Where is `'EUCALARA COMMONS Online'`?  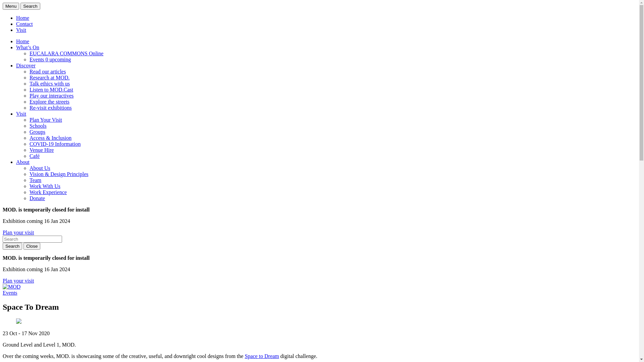
'EUCALARA COMMONS Online' is located at coordinates (66, 53).